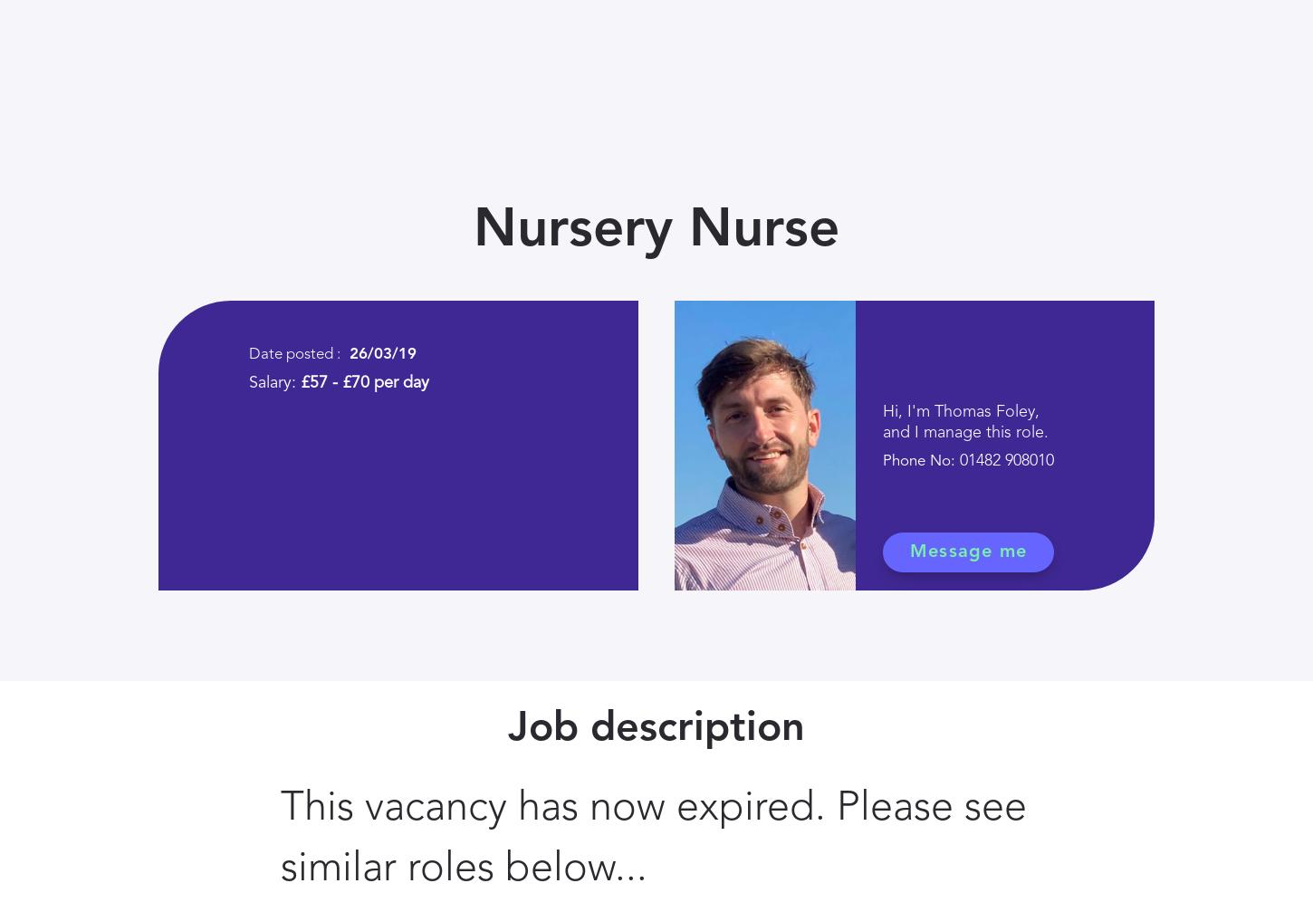  I want to click on '£77 per day', so click(1013, 190).